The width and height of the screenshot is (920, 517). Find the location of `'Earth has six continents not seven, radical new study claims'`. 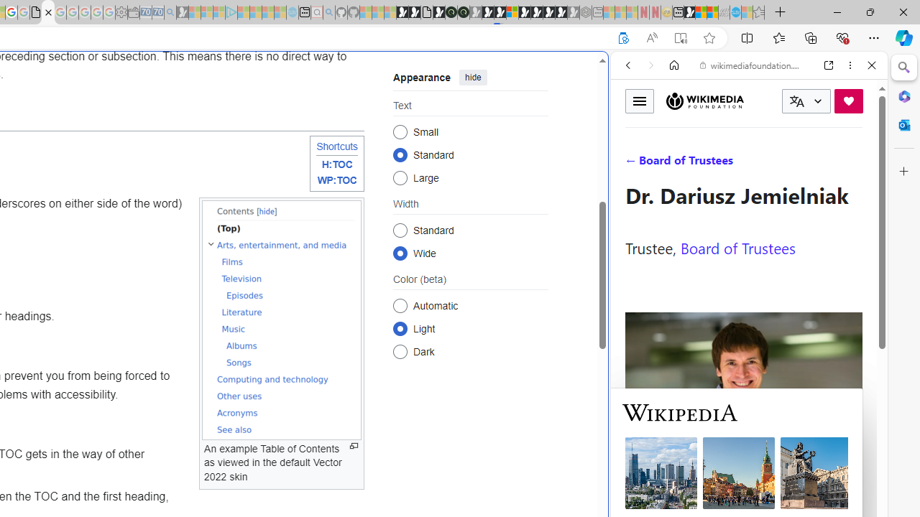

'Earth has six continents not seven, radical new study claims' is located at coordinates (713, 12).